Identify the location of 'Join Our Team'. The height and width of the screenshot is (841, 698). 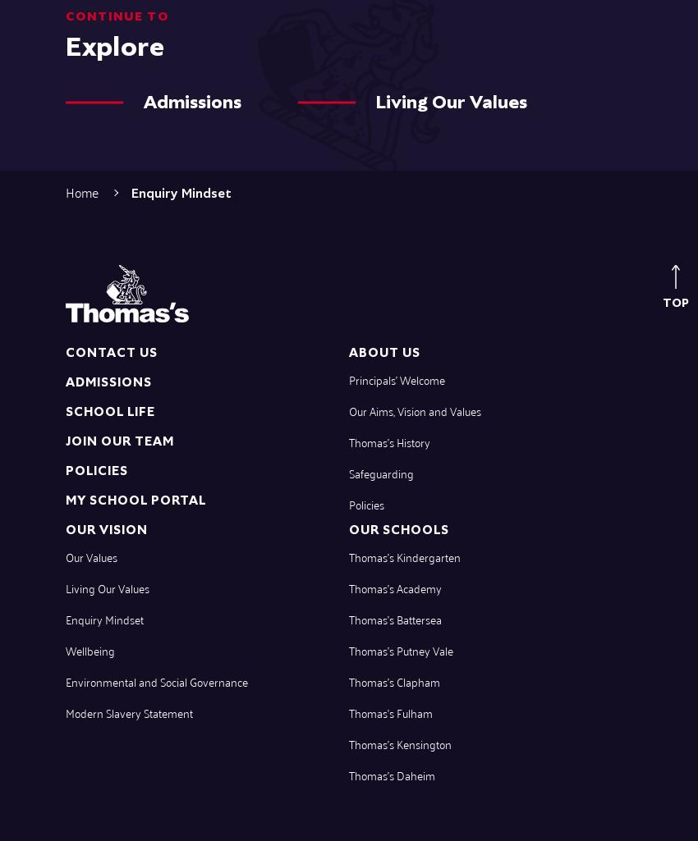
(65, 441).